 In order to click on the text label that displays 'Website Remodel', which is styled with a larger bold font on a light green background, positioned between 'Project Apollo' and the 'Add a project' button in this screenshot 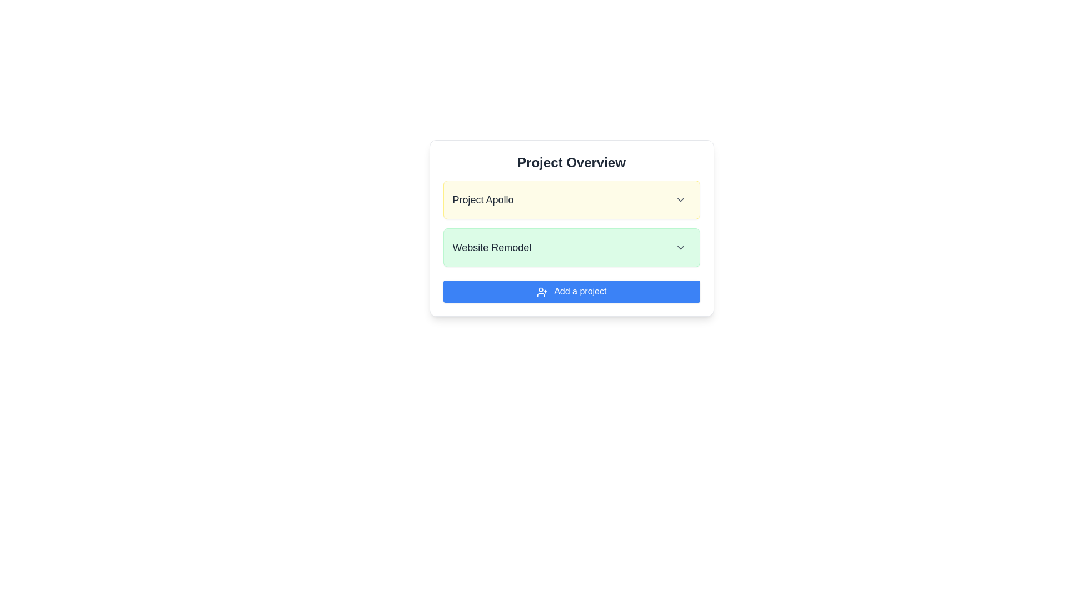, I will do `click(491, 247)`.